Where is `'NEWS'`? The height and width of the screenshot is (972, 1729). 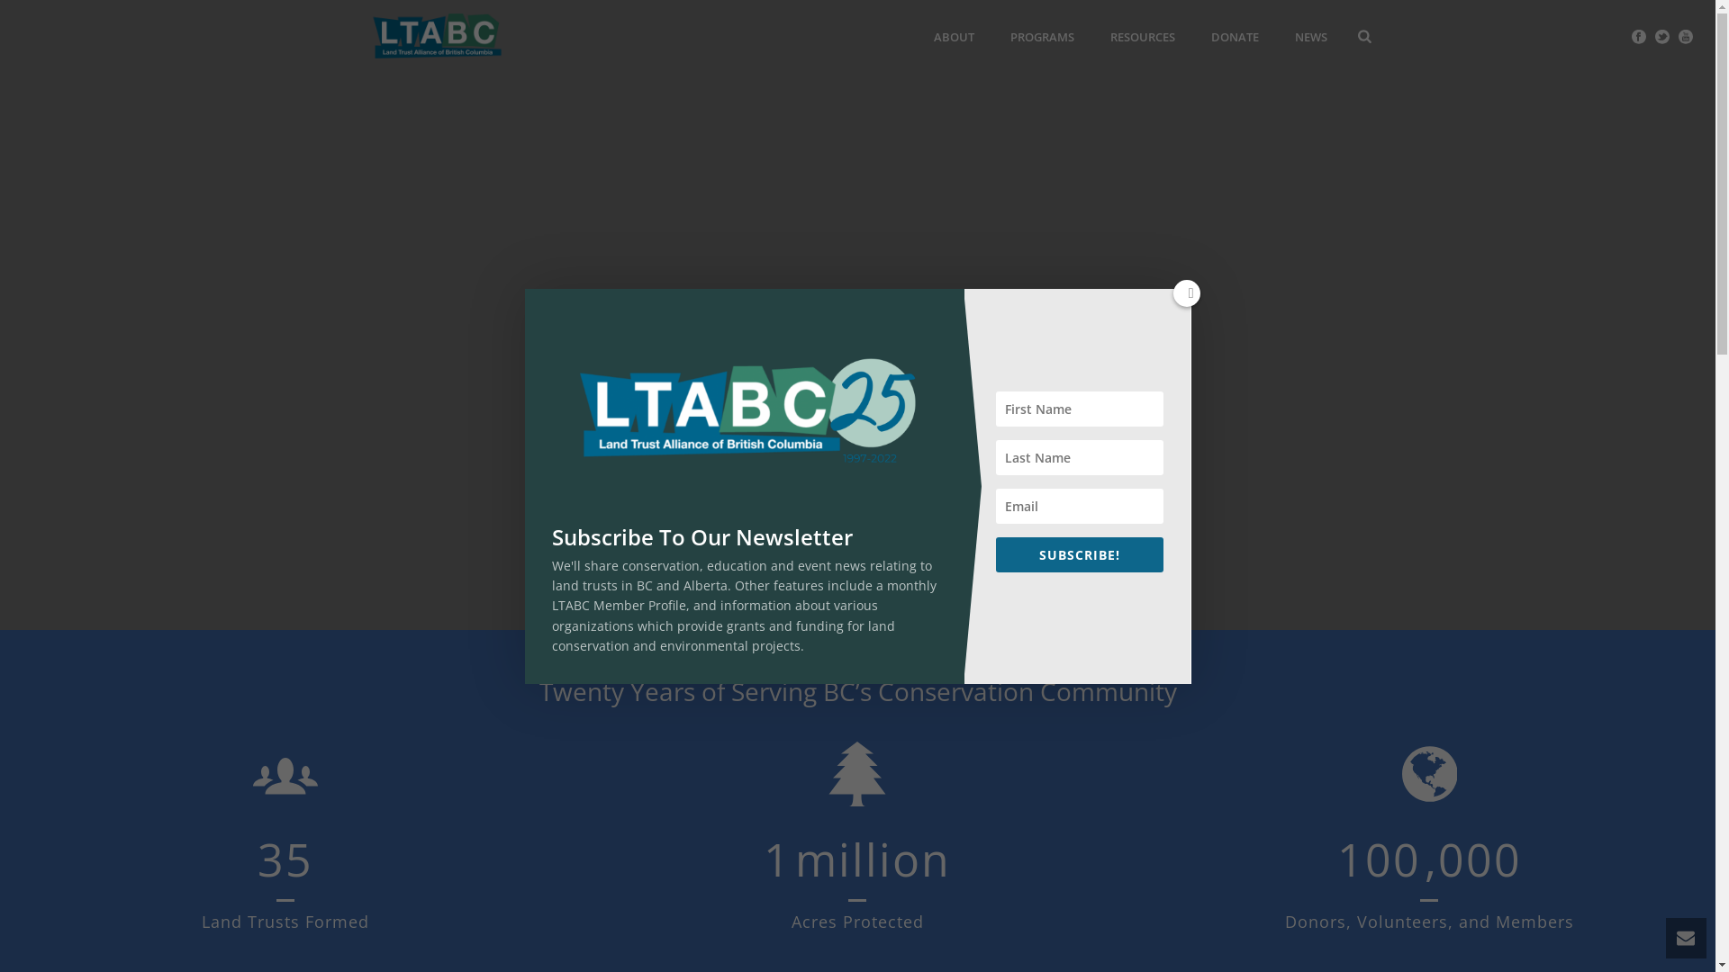
'NEWS' is located at coordinates (1275, 37).